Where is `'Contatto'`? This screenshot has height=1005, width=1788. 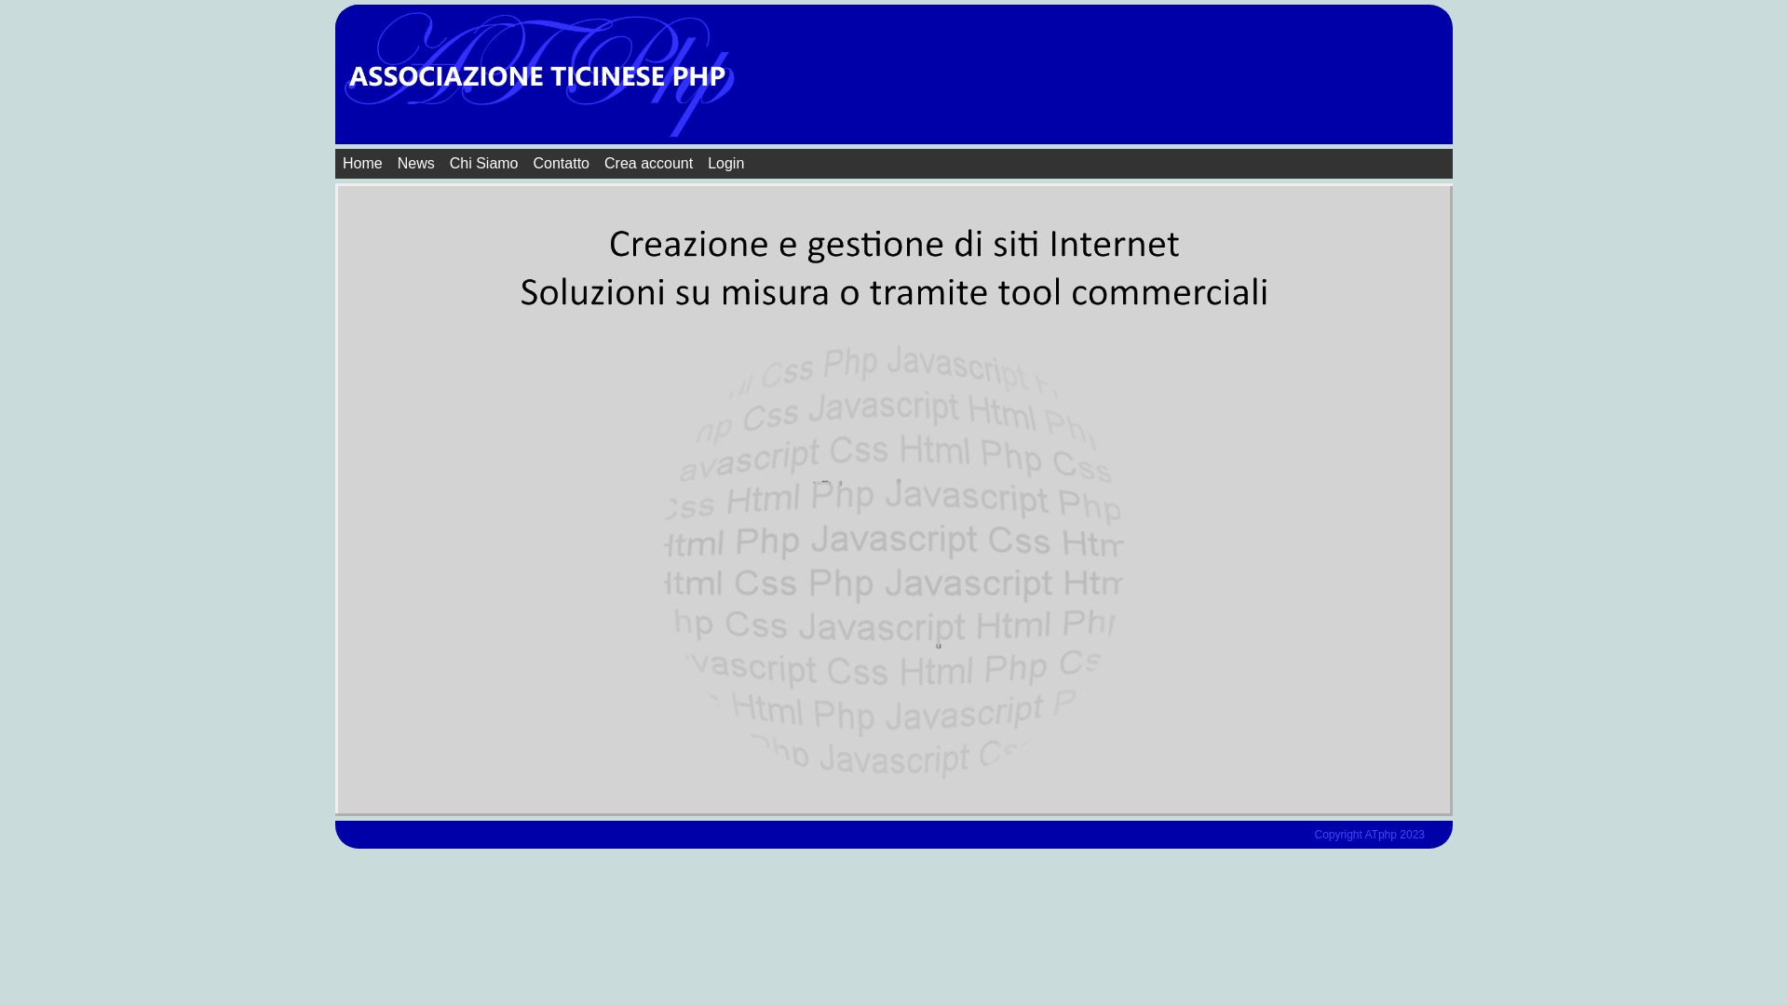 'Contatto' is located at coordinates (561, 163).